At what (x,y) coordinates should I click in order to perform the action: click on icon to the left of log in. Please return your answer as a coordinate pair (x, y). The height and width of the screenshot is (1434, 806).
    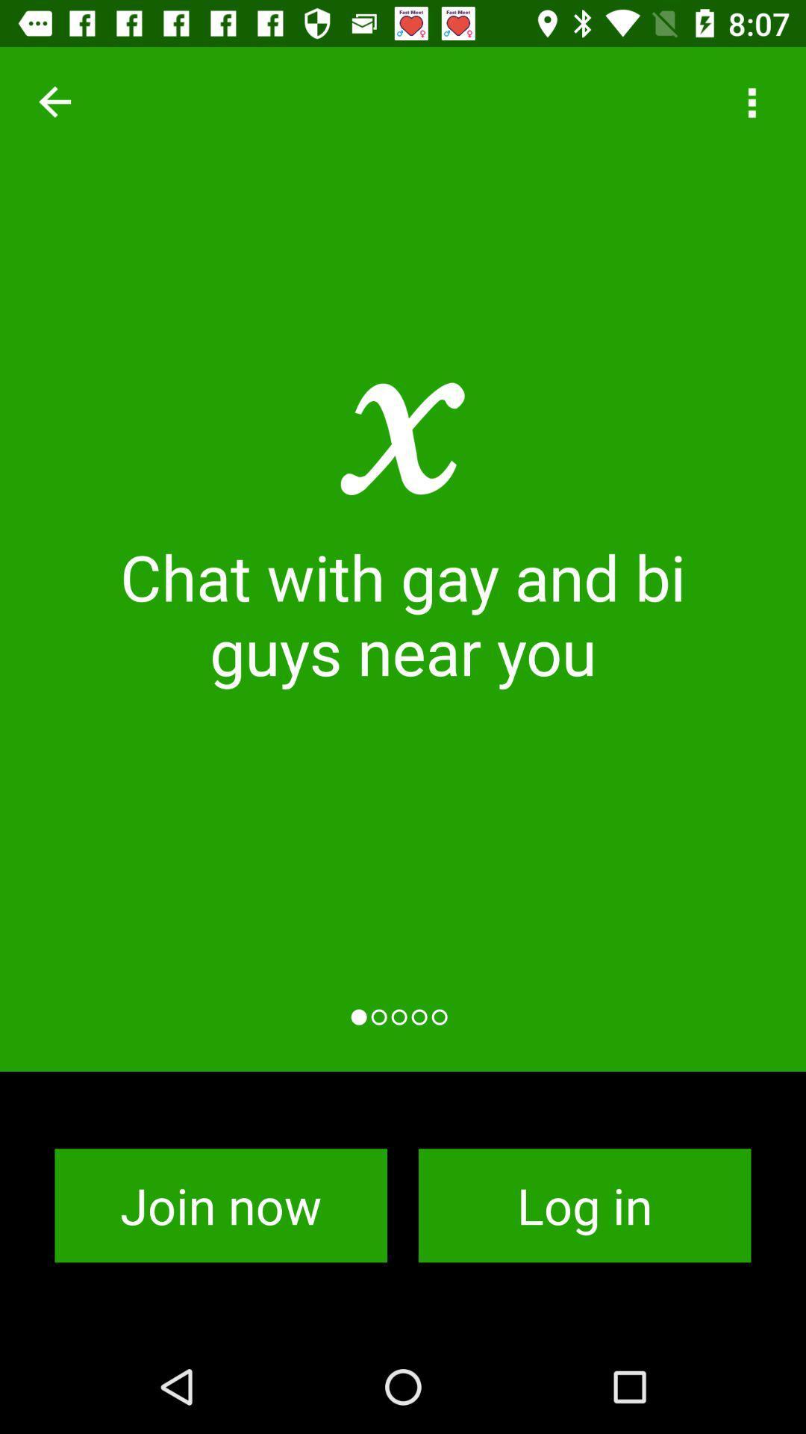
    Looking at the image, I should click on (221, 1205).